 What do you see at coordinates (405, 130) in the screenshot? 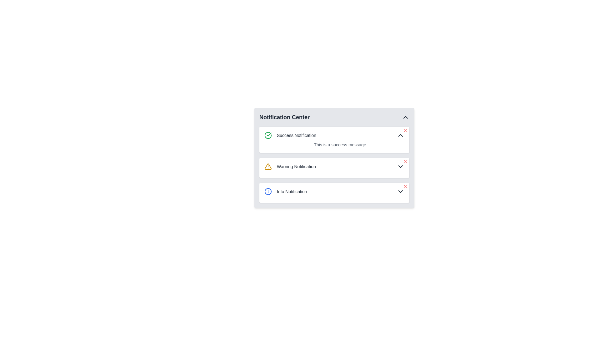
I see `the close button located at the top-right corner of the 'Success Notification'` at bounding box center [405, 130].